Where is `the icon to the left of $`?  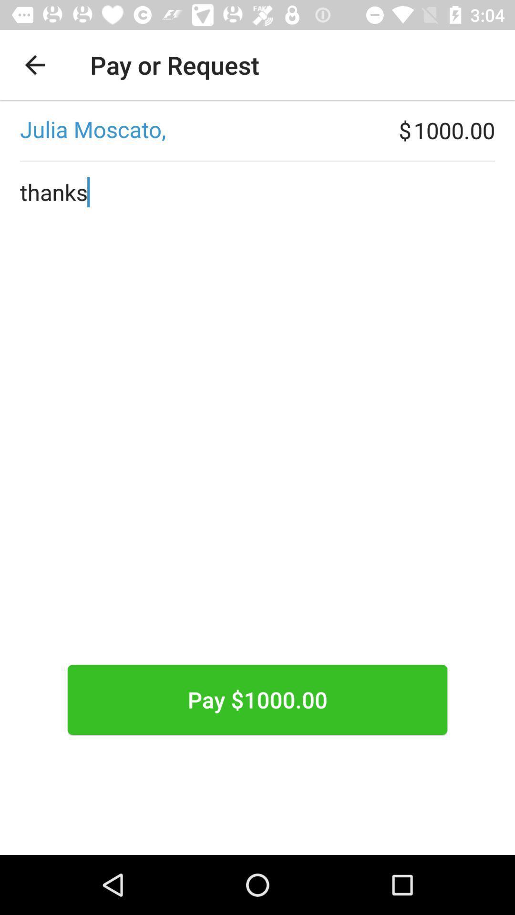 the icon to the left of $ is located at coordinates (199, 130).